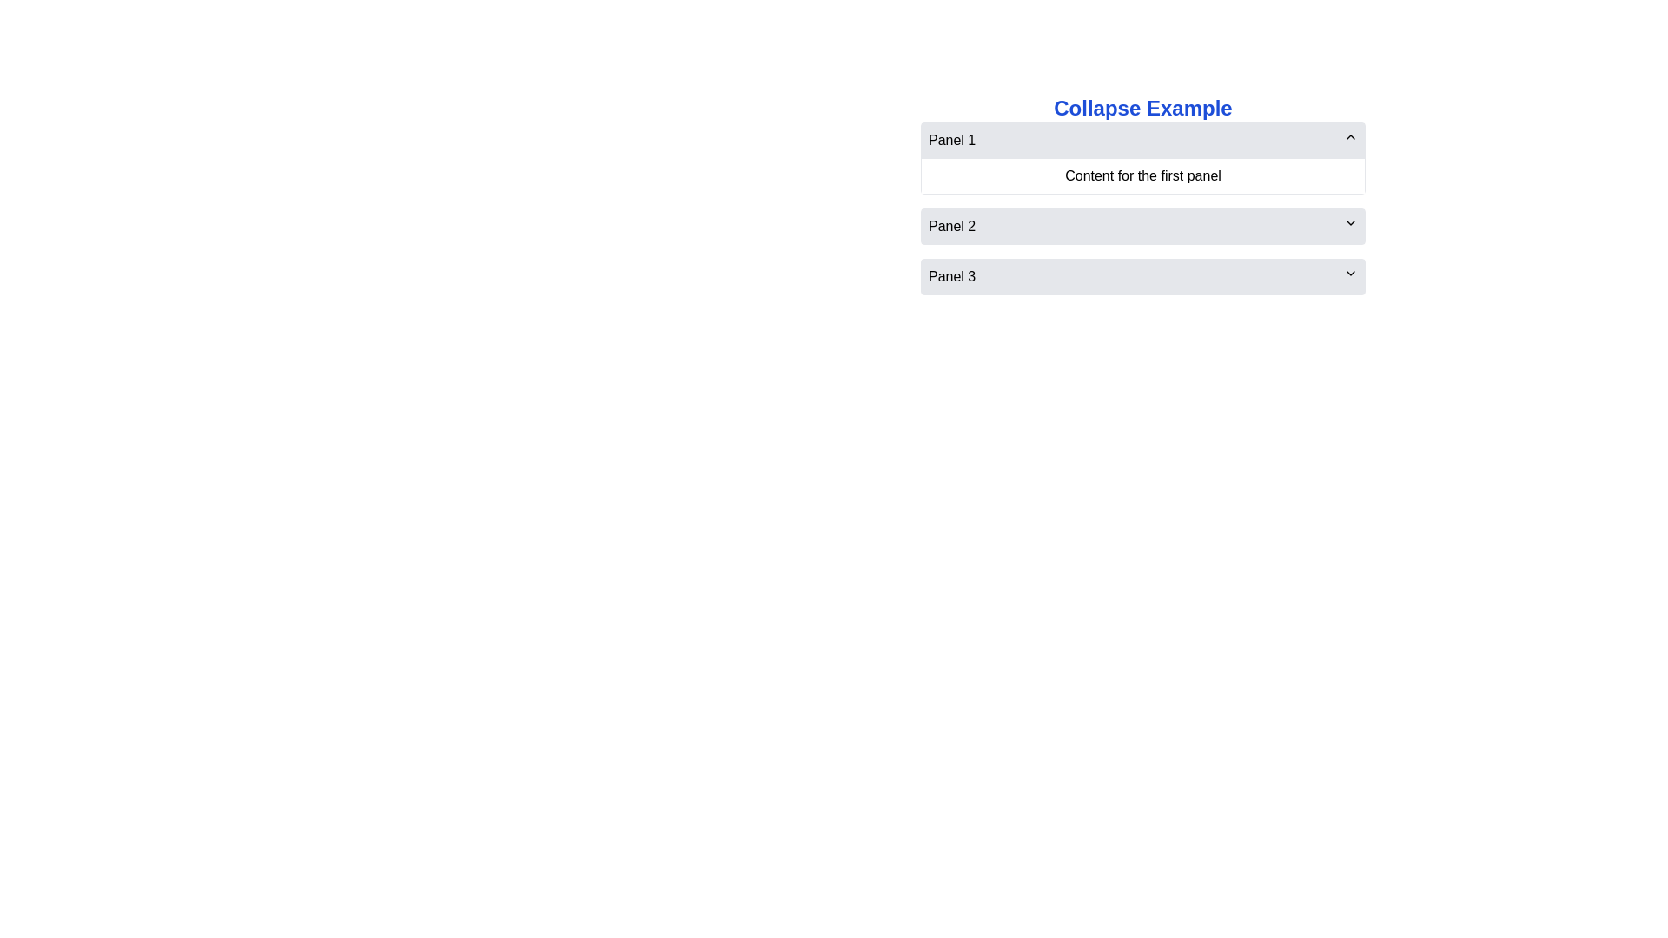  I want to click on the Icon (Chevron Down) located on the right-hand side of 'Panel 3' to toggle the visibility of the associated panel's details, if keyboard navigation is supported, so click(1350, 274).